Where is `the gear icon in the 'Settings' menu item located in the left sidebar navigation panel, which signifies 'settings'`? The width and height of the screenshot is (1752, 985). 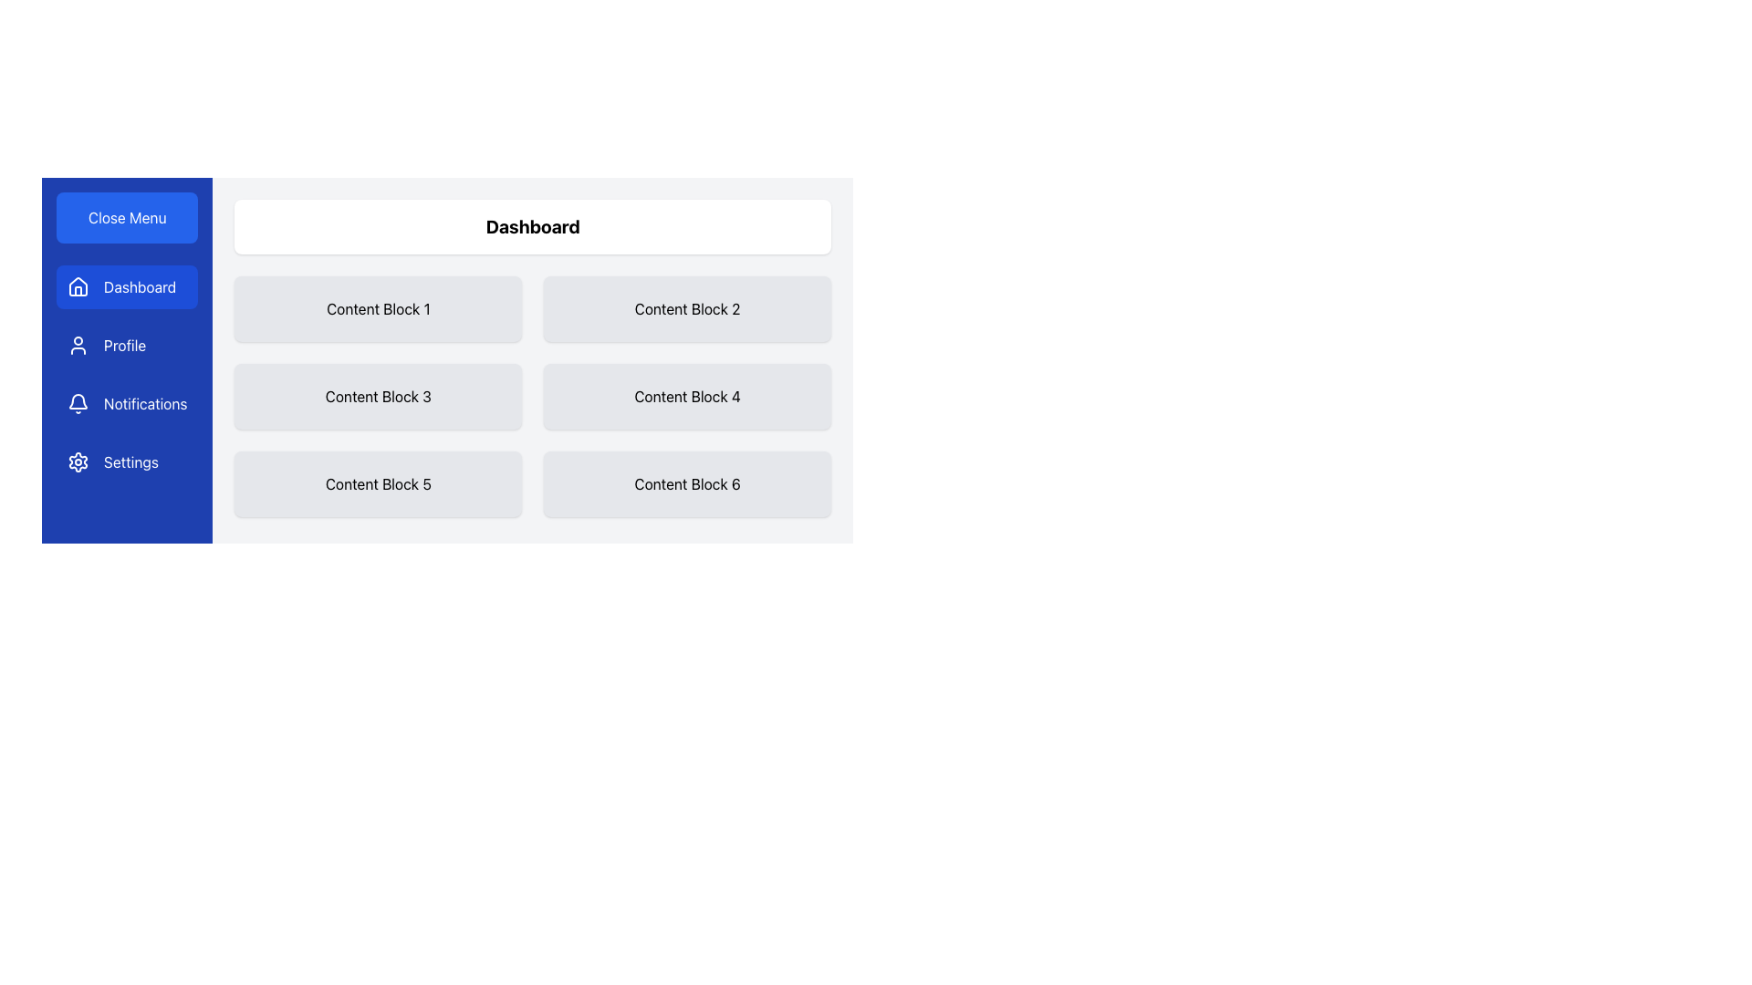
the gear icon in the 'Settings' menu item located in the left sidebar navigation panel, which signifies 'settings' is located at coordinates (78, 461).